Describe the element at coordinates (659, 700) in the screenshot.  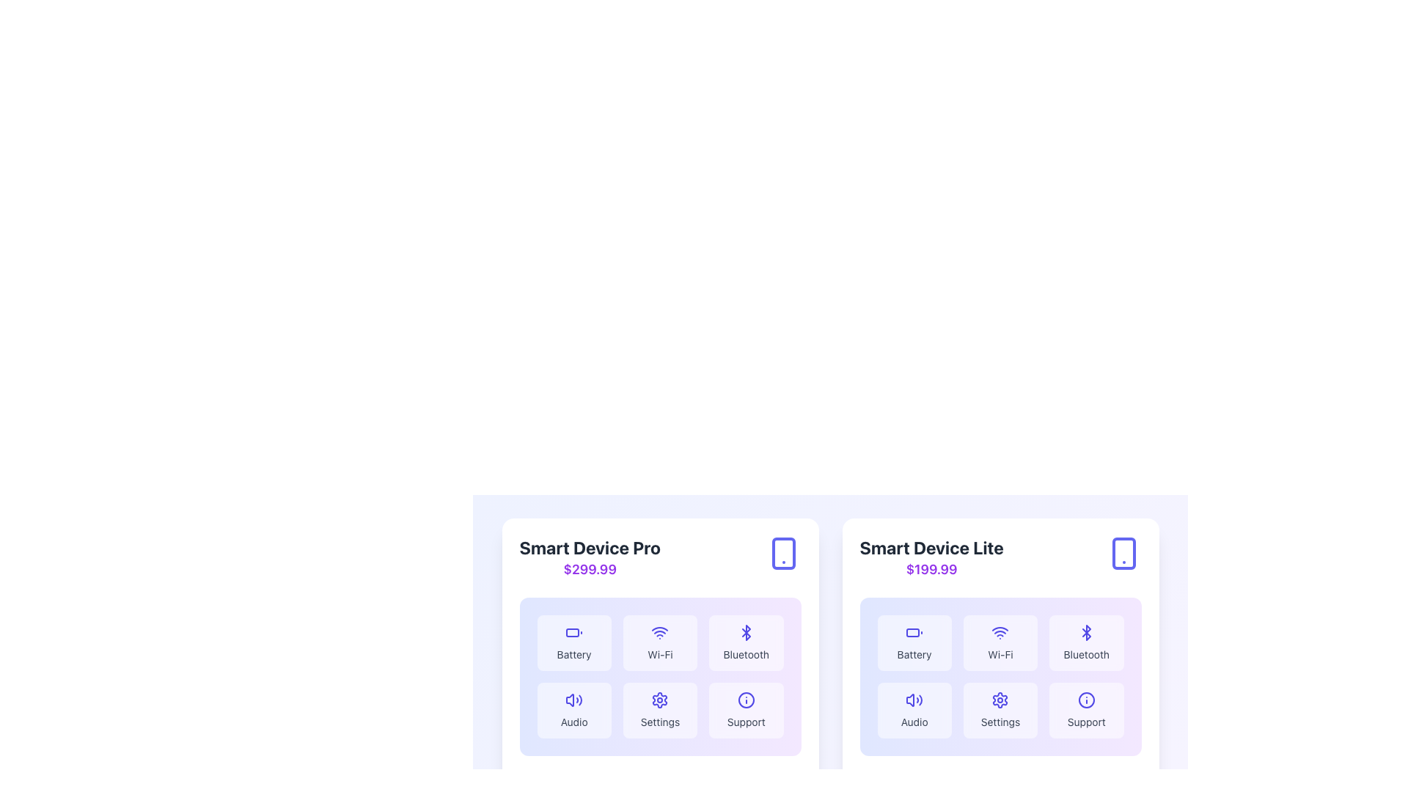
I see `the settings icon located at the bottom center of the 'Smart Device Pro' card, directly beneath the 'Settings' label, to interact with the associated settings functionality` at that location.